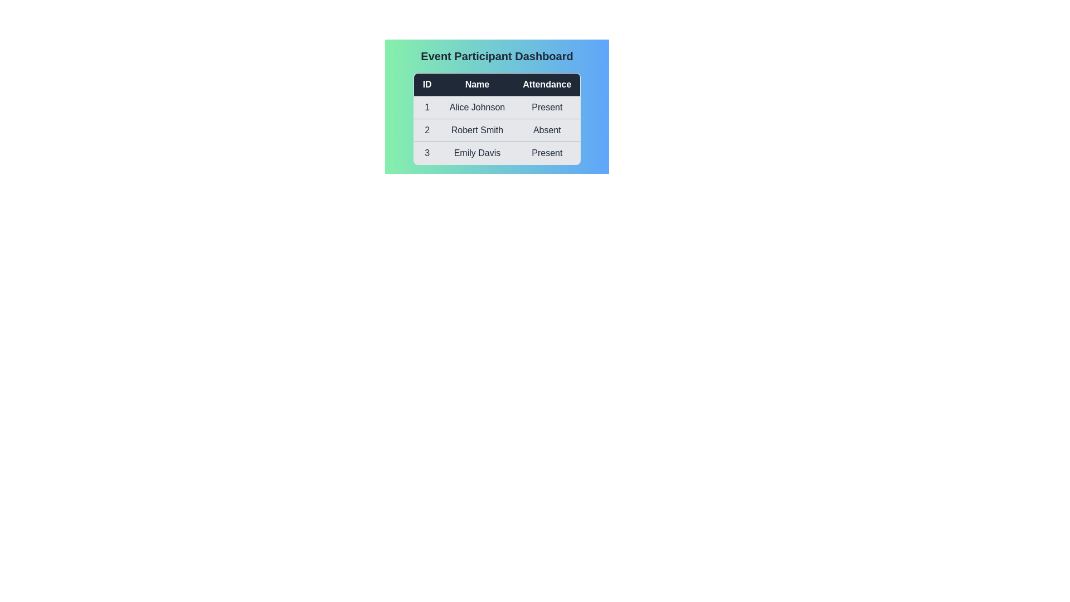  What do you see at coordinates (497, 107) in the screenshot?
I see `text from the first row of the table, which contains the ID '1', Name 'Alice Johnson', and Attendance 'Present'` at bounding box center [497, 107].